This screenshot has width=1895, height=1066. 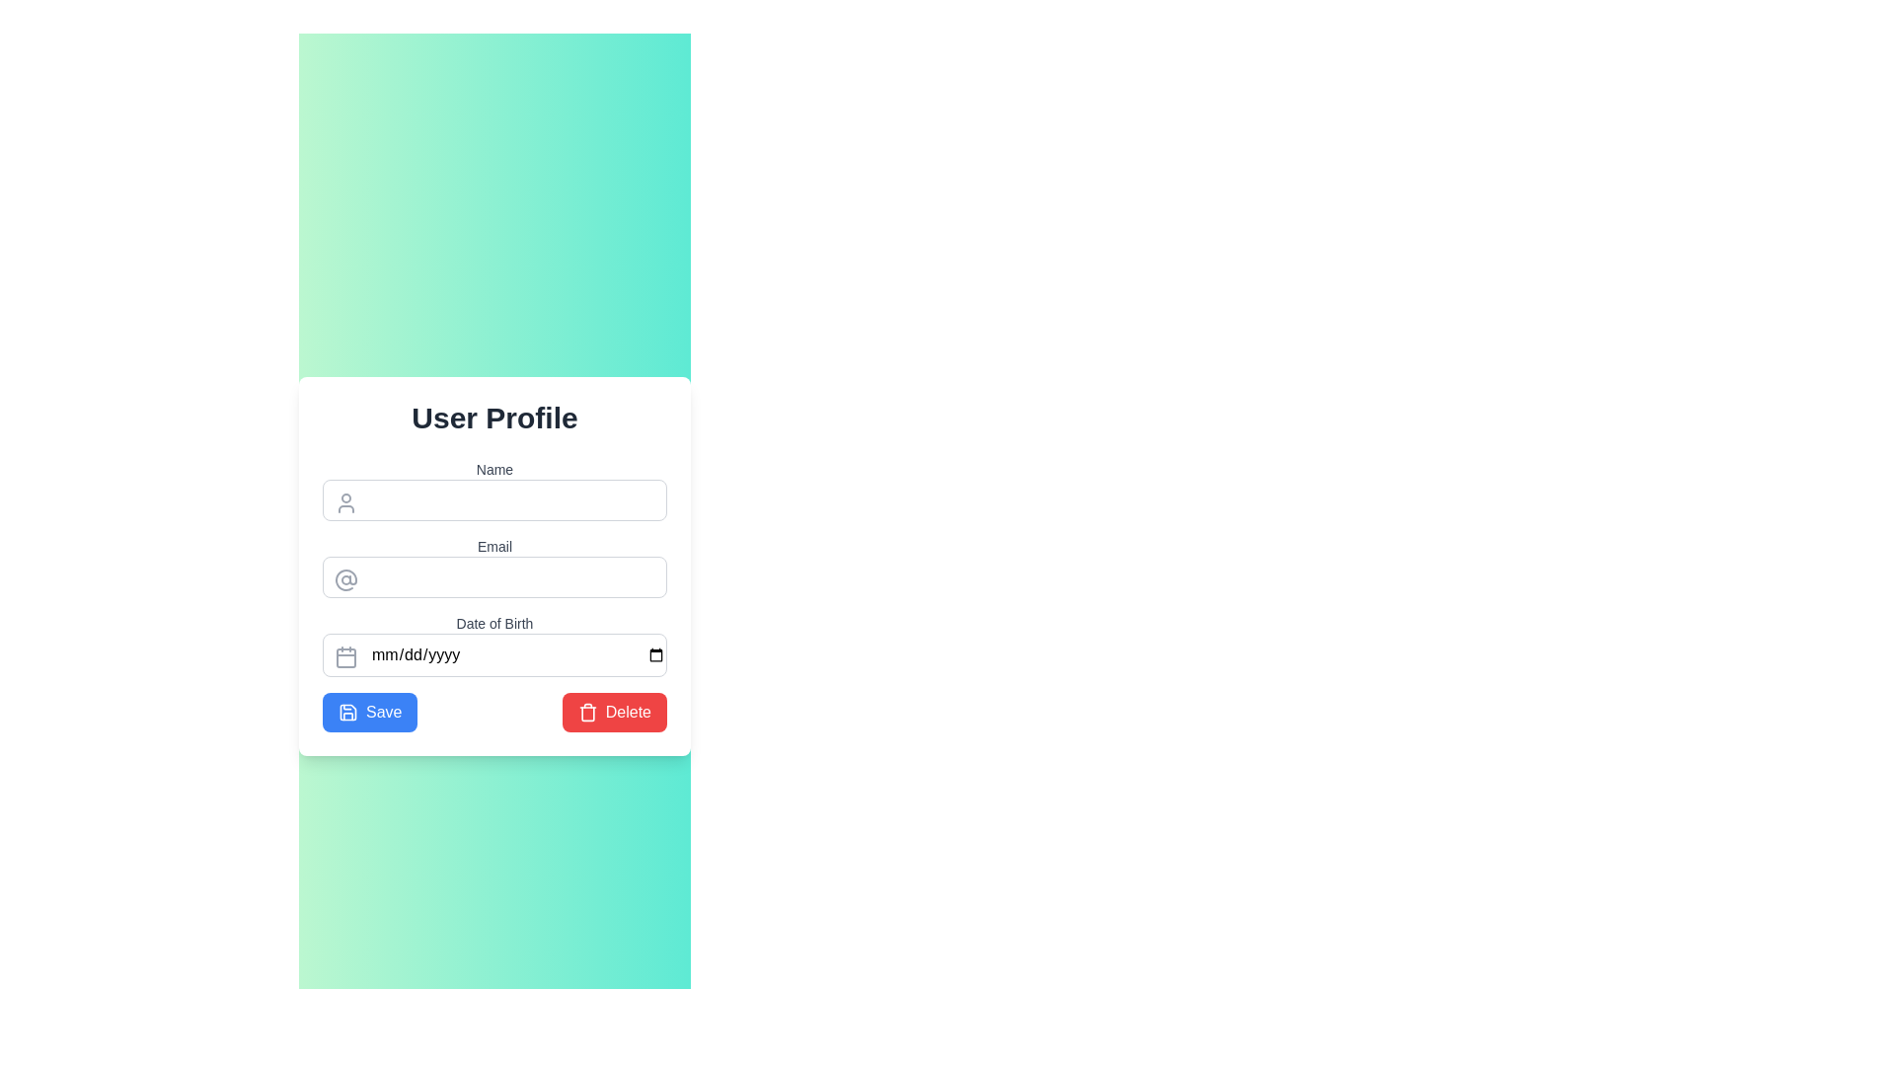 I want to click on the save action icon located on the left side of the 'Save' button, so click(x=348, y=712).